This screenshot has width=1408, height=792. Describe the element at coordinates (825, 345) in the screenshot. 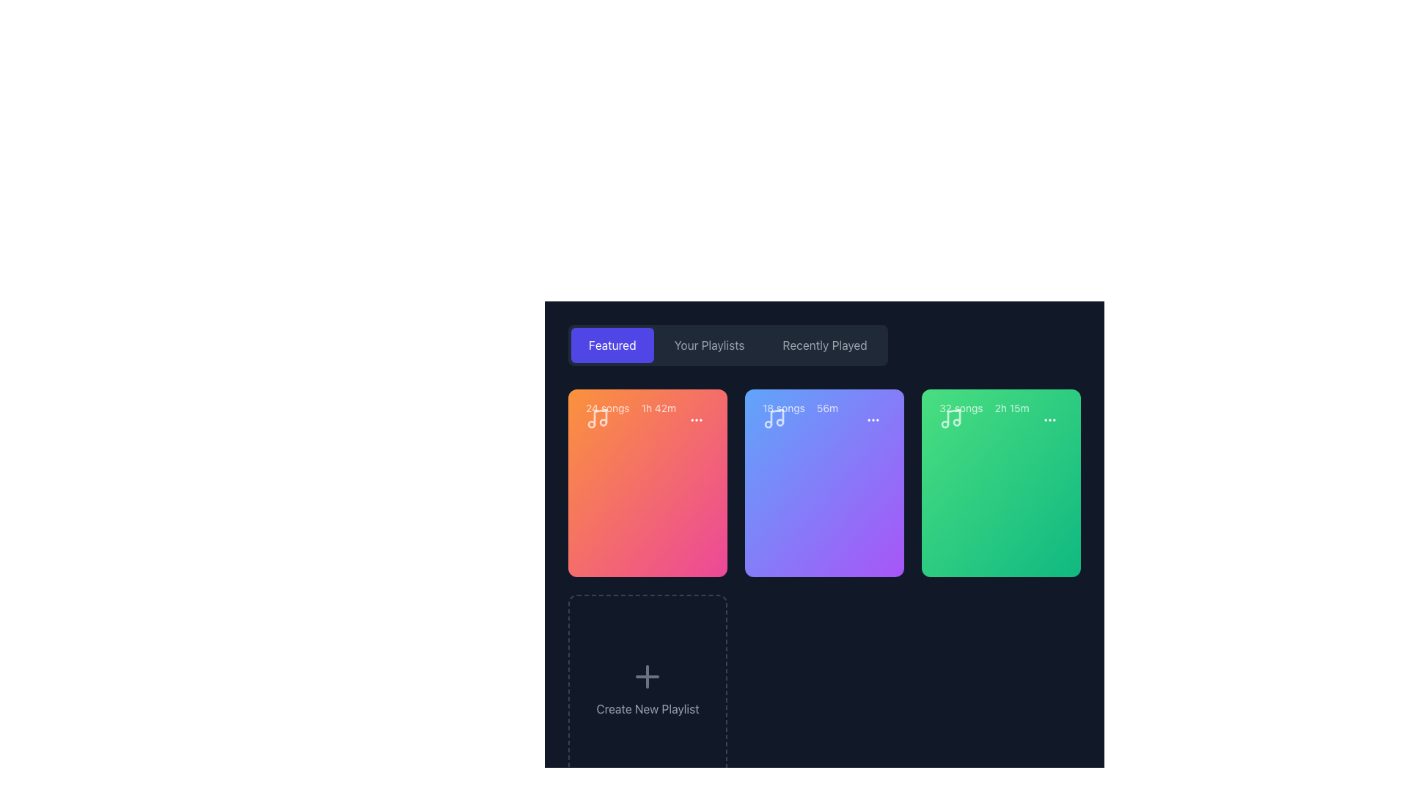

I see `the category selector button located in the header` at that location.